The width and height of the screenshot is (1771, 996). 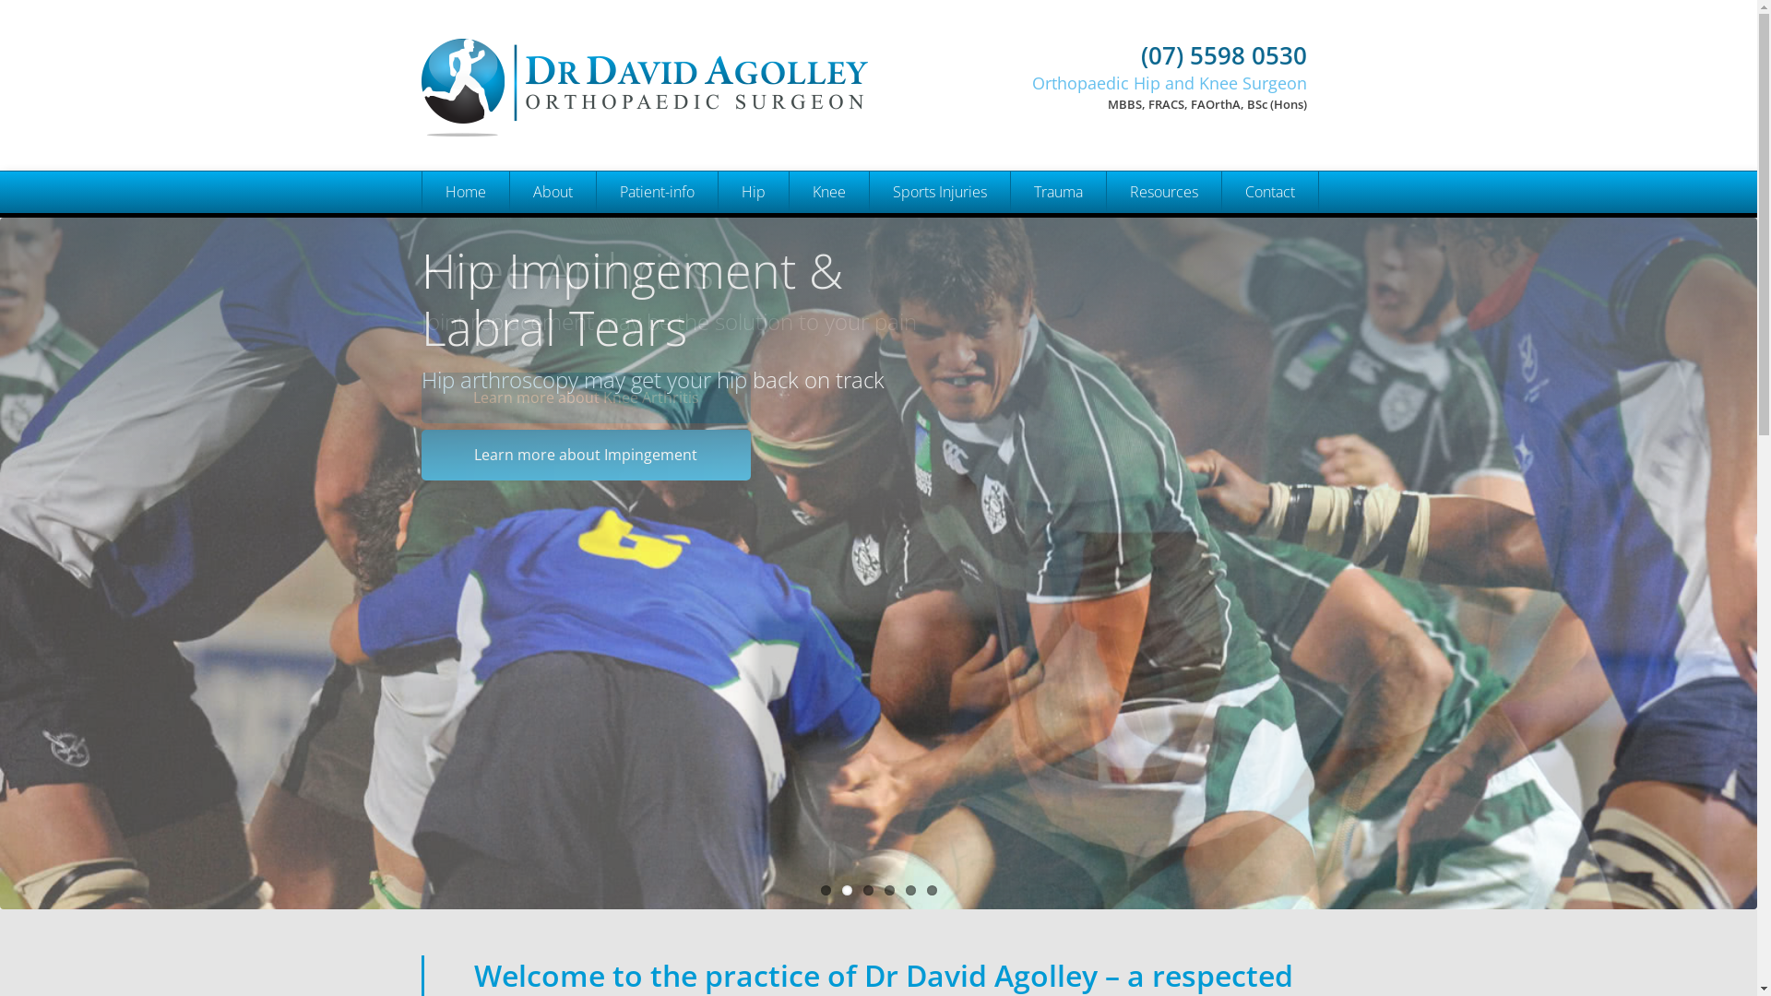 I want to click on 'Knee Osteotomy and Realignment', so click(x=826, y=441).